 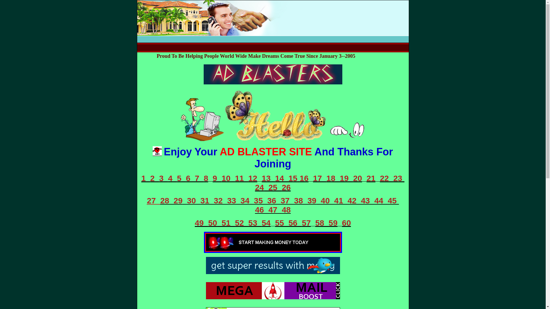 What do you see at coordinates (371, 178) in the screenshot?
I see `'21'` at bounding box center [371, 178].